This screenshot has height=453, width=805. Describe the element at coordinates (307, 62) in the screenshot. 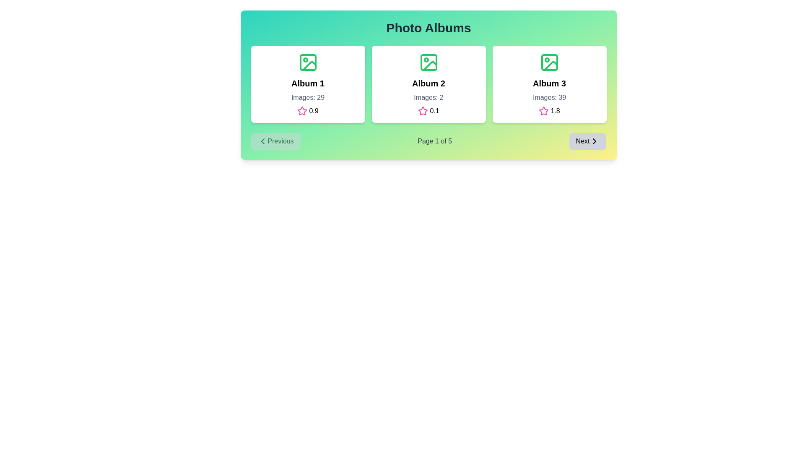

I see `the decorative icon located at the top center of the first album card labeled 'Album 1', positioned just above the album title text` at that location.